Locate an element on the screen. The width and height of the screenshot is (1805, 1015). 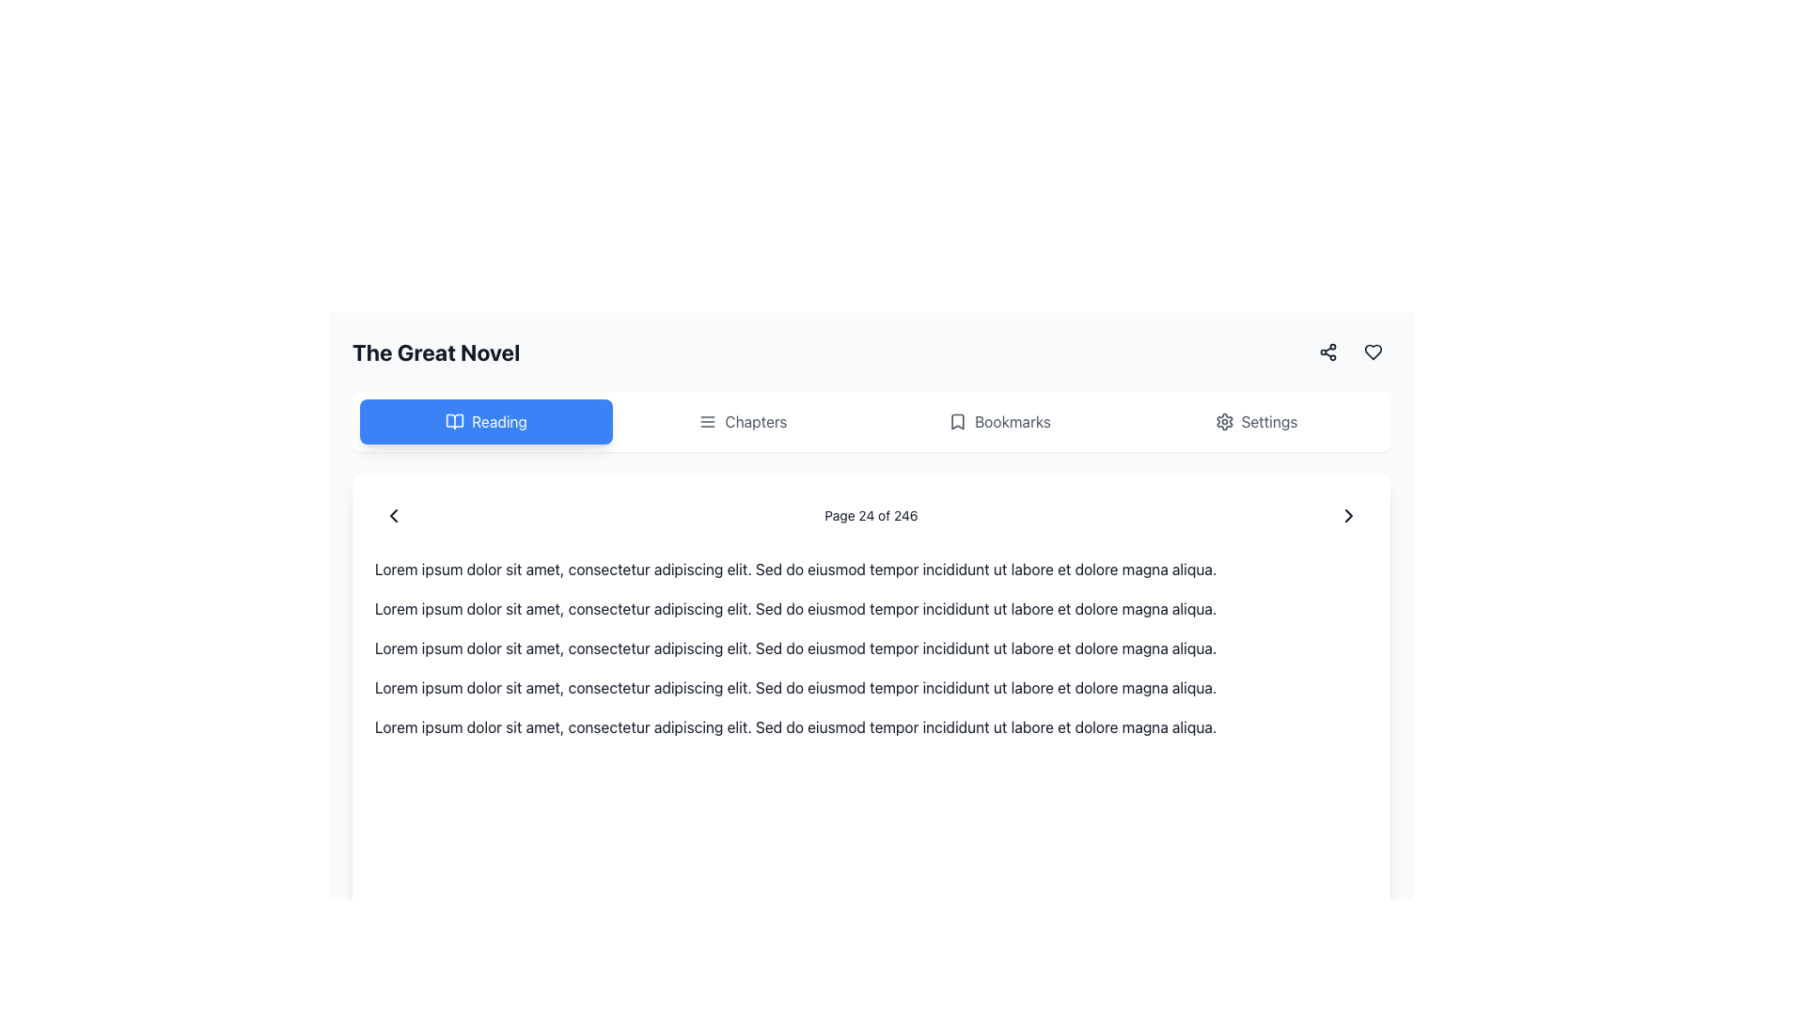
the rightwards arrow icon, which is a small triangular shape pointing to the right is located at coordinates (1348, 515).